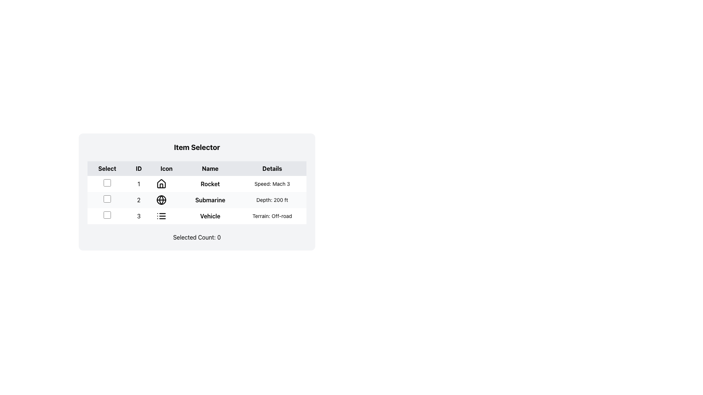 This screenshot has height=395, width=703. What do you see at coordinates (272, 200) in the screenshot?
I see `the static text label displaying 'Depth: 200 ft' located in the second row under the 'Details' column` at bounding box center [272, 200].